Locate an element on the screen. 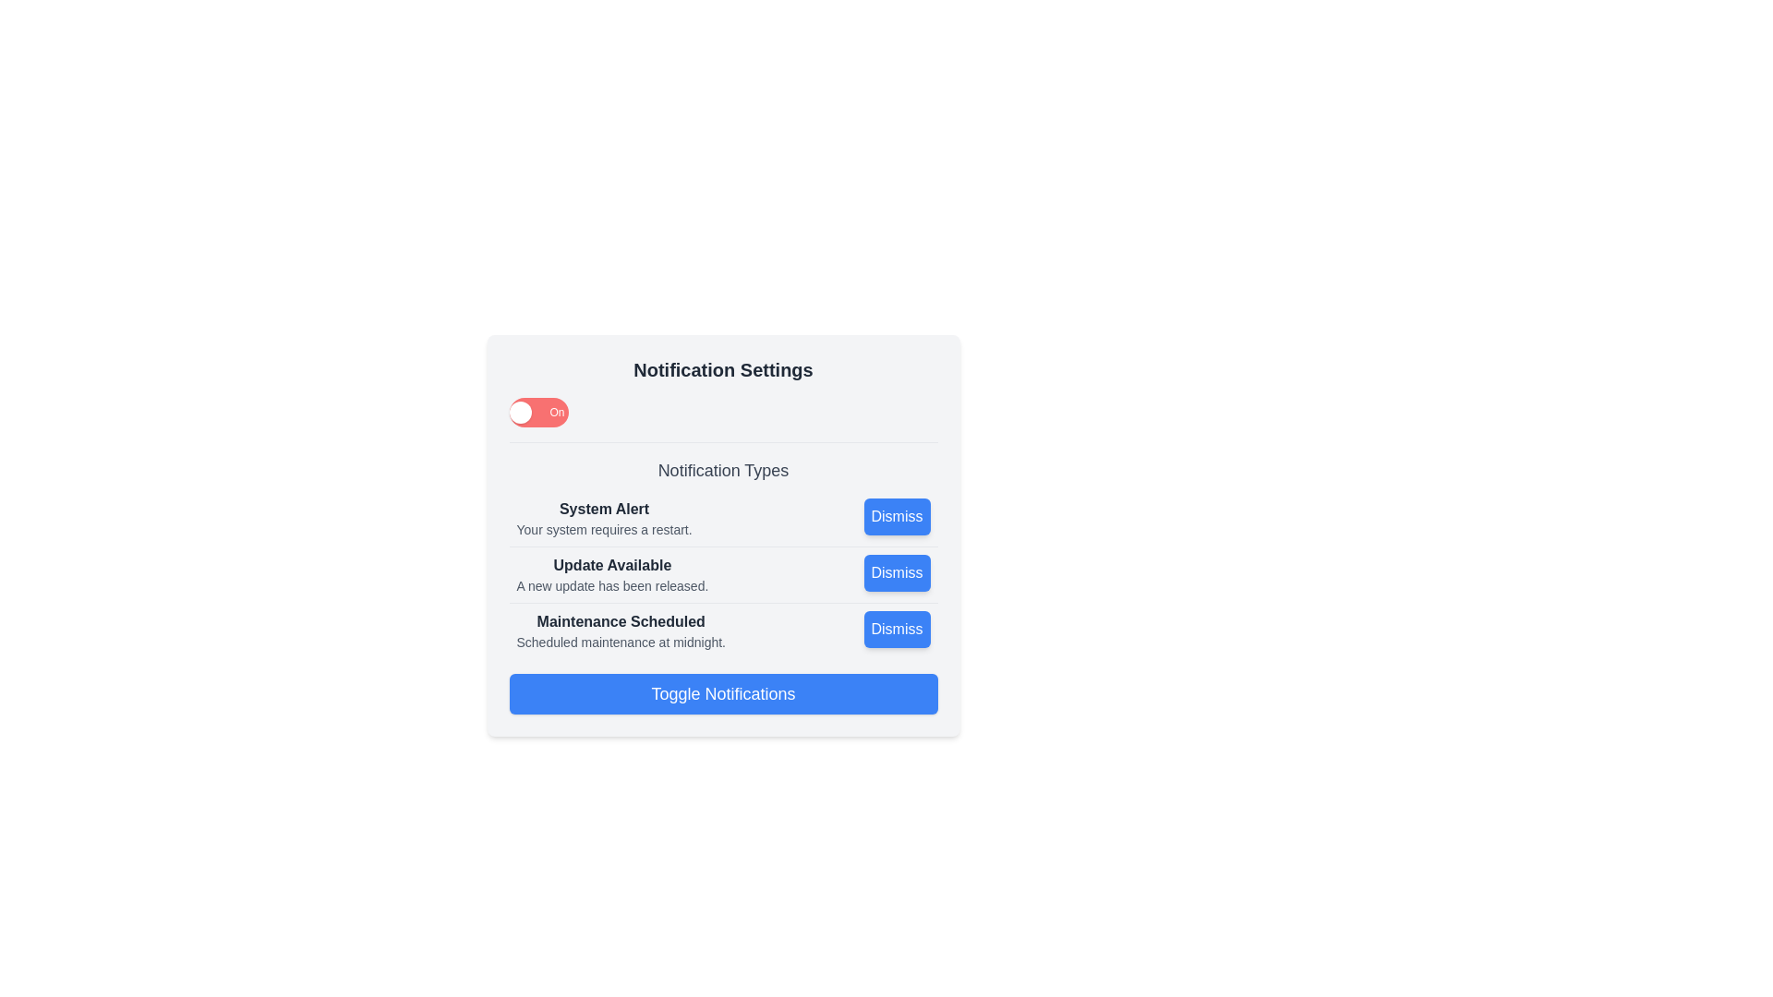  static text label that notifies the user about the necessity of restarting their system, located under the 'System Alert' title in the notification panel is located at coordinates (604, 530).